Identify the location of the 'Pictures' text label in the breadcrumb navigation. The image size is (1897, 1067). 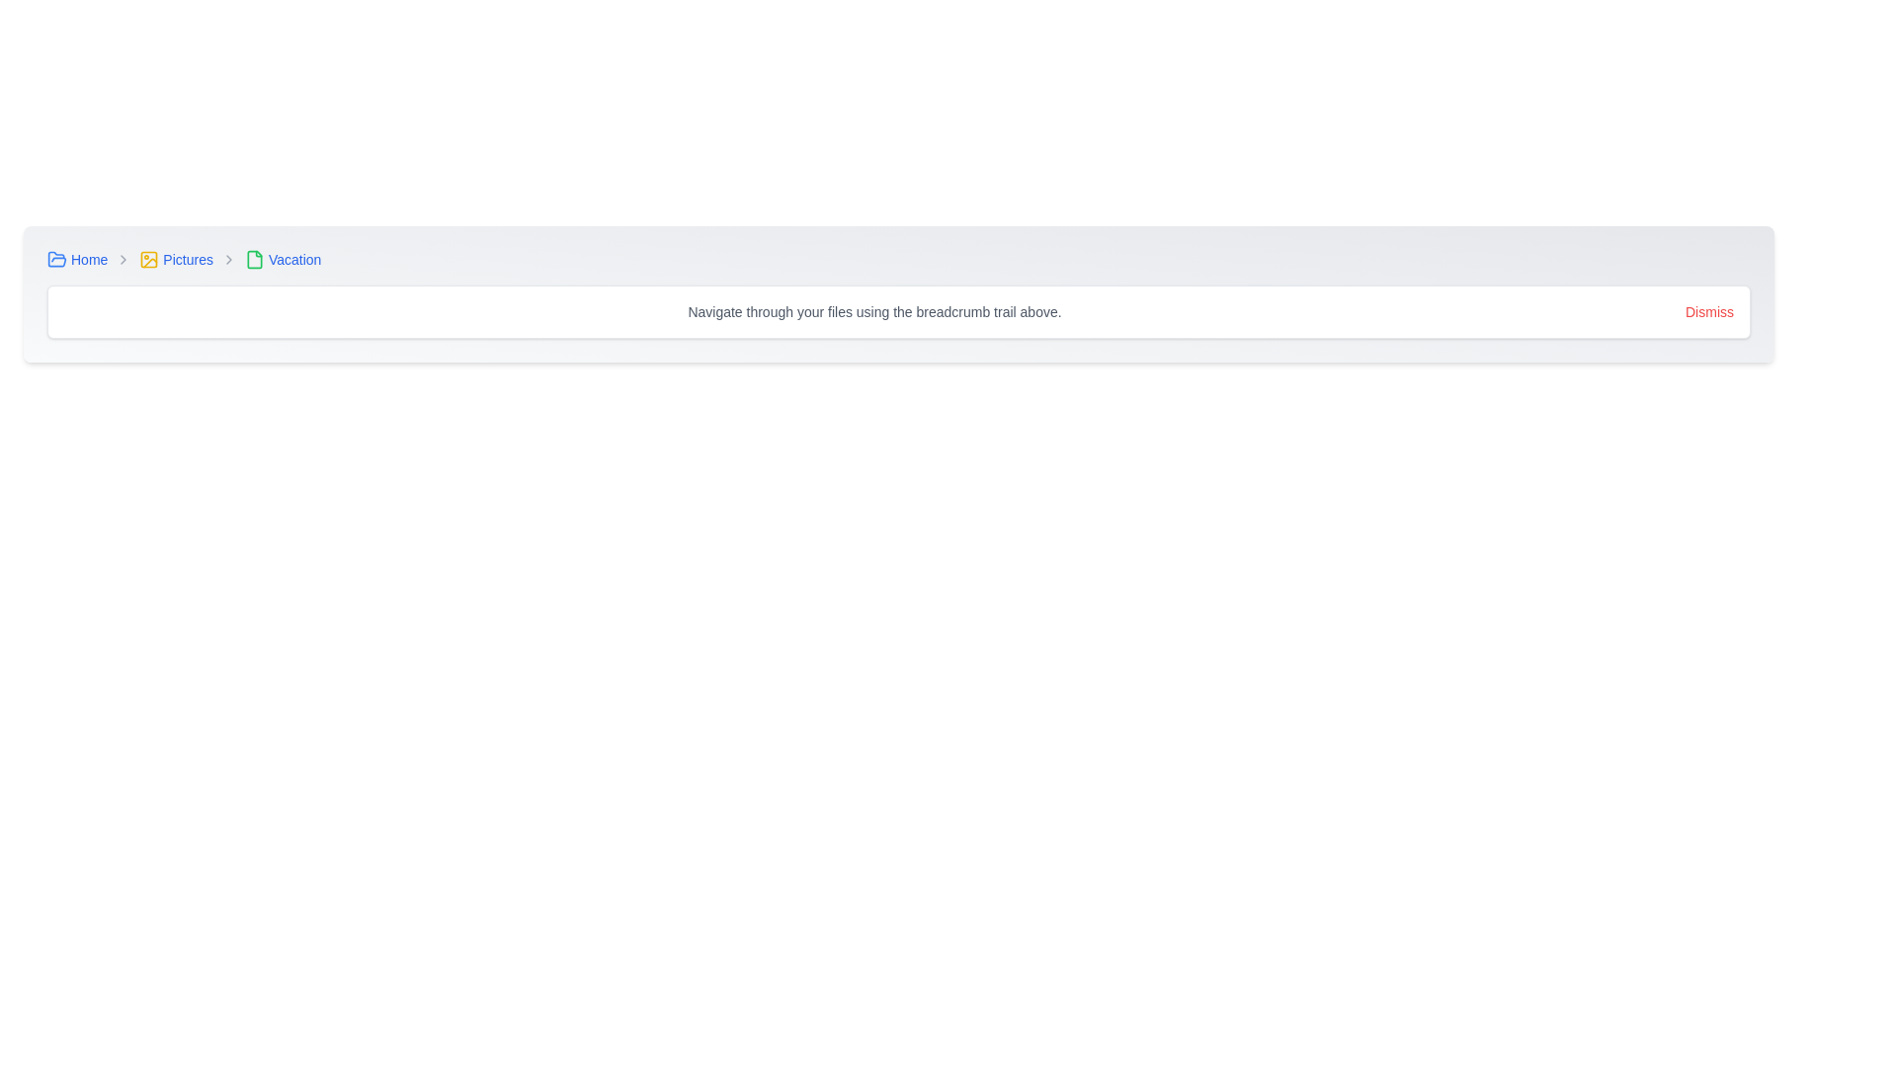
(188, 258).